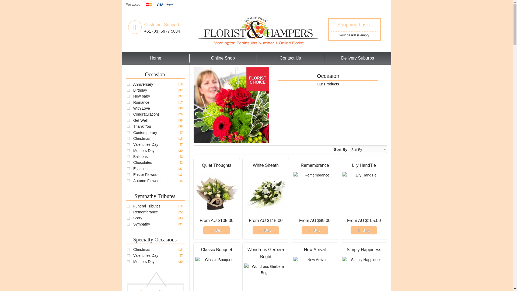  Describe the element at coordinates (146, 255) in the screenshot. I see `'Valentines Day` at that location.